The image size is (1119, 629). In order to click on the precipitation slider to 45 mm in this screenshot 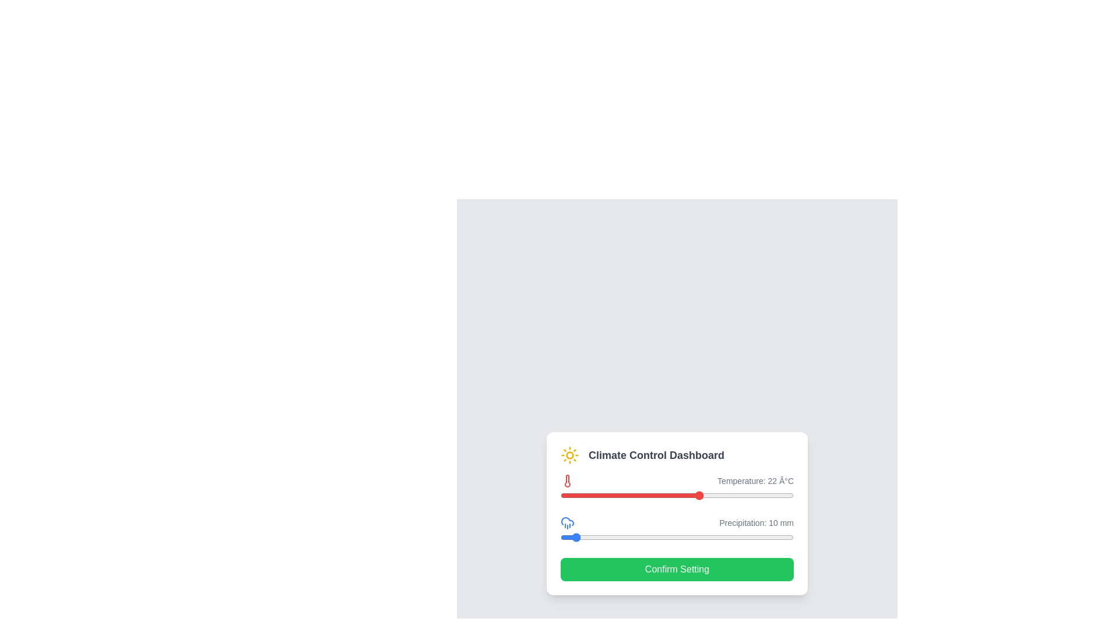, I will do `click(612, 537)`.